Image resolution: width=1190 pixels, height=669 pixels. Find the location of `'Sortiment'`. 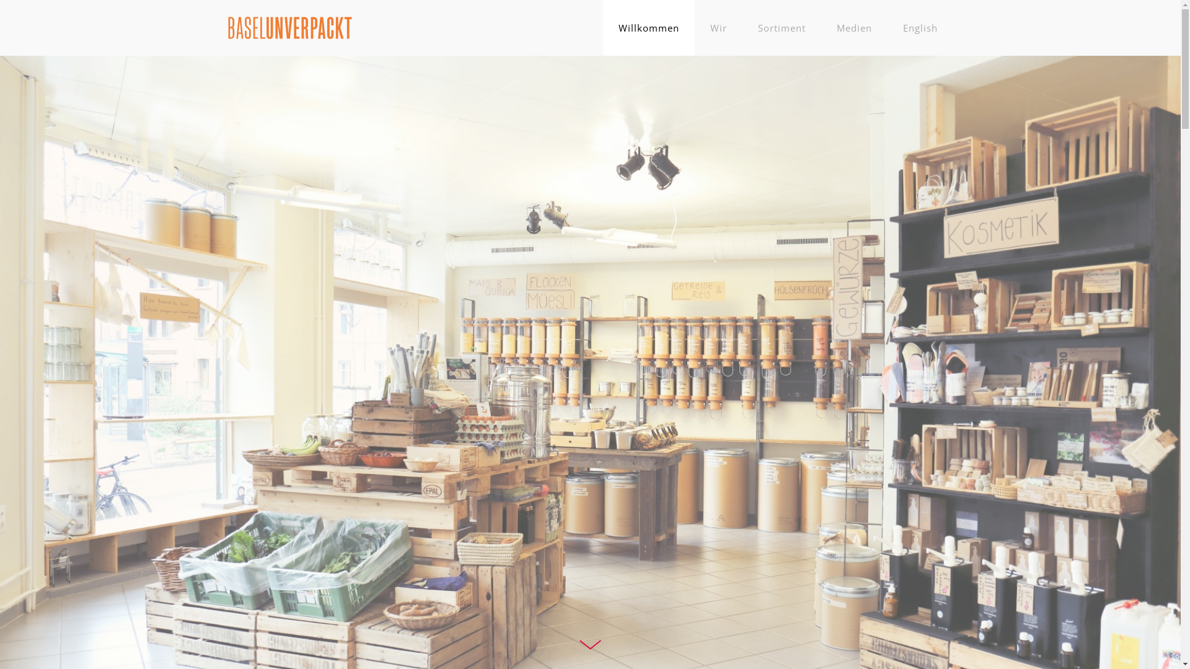

'Sortiment' is located at coordinates (781, 28).